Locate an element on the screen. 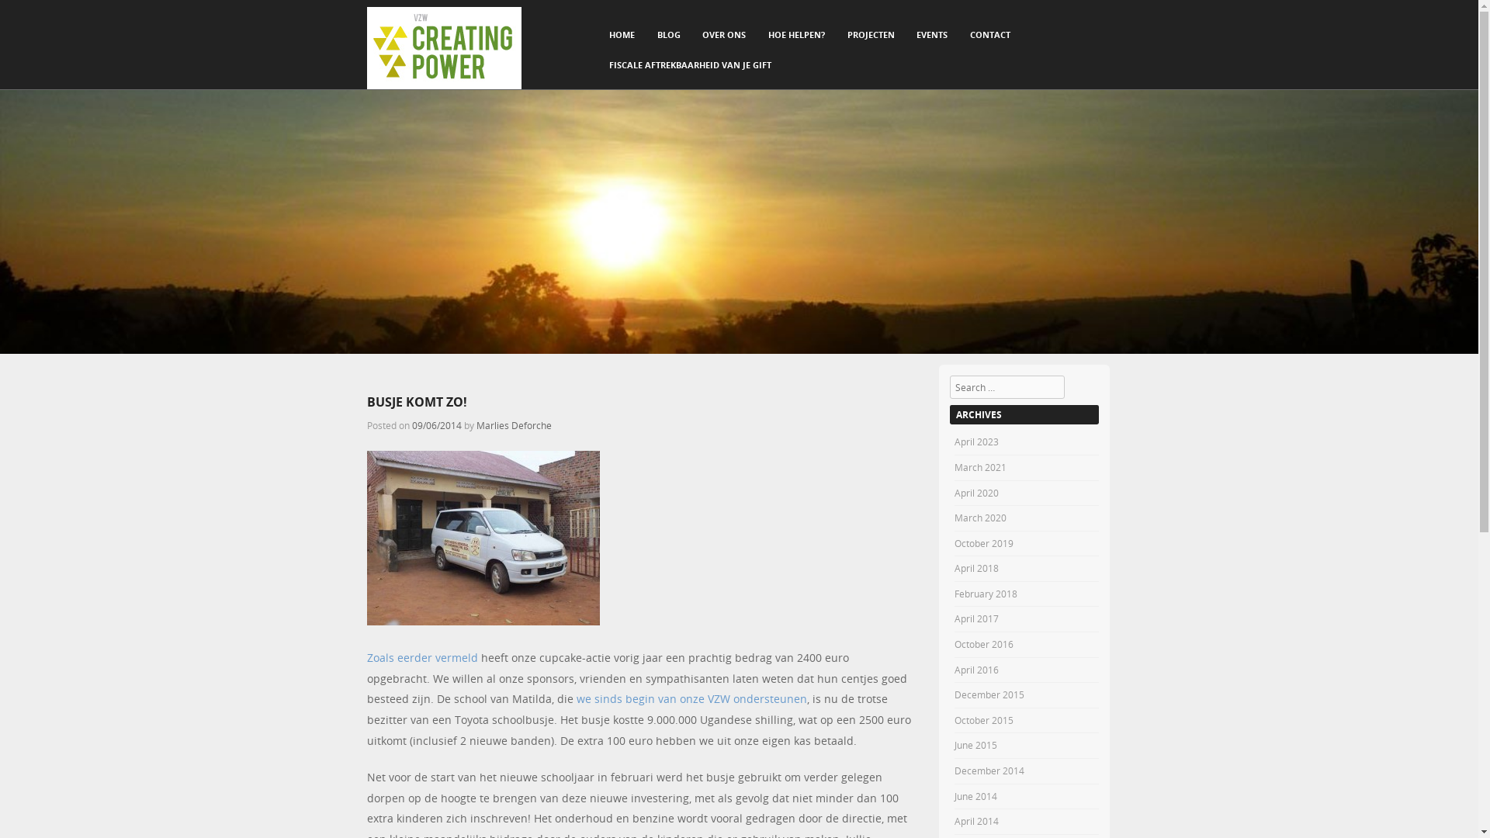  'February 2018' is located at coordinates (985, 593).